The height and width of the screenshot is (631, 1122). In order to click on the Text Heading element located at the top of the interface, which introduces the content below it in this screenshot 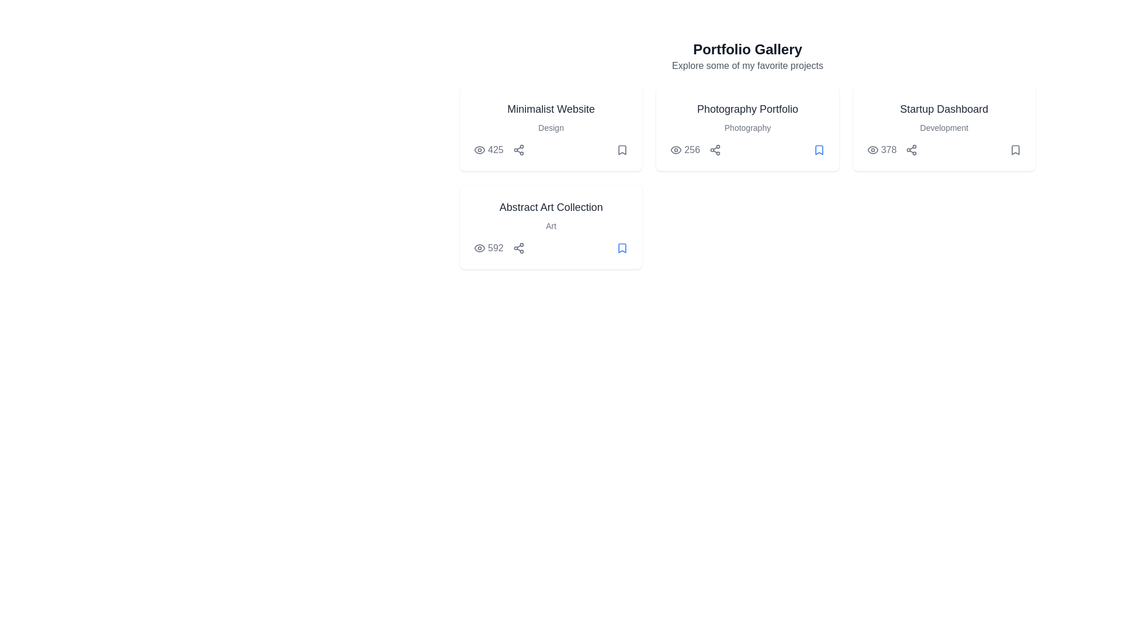, I will do `click(747, 48)`.